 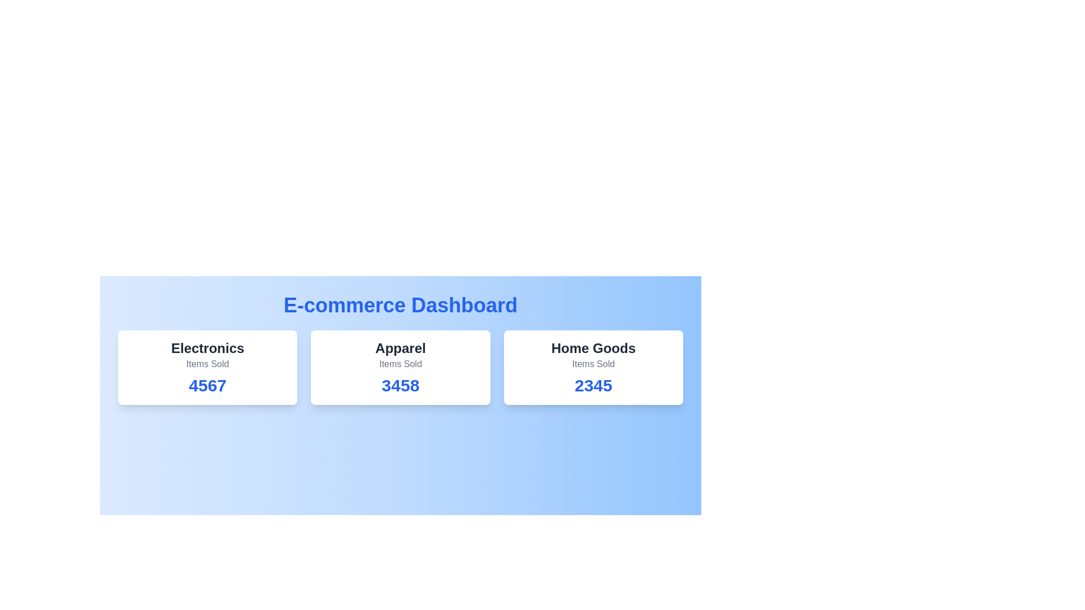 I want to click on the category card for Home Goods, so click(x=593, y=368).